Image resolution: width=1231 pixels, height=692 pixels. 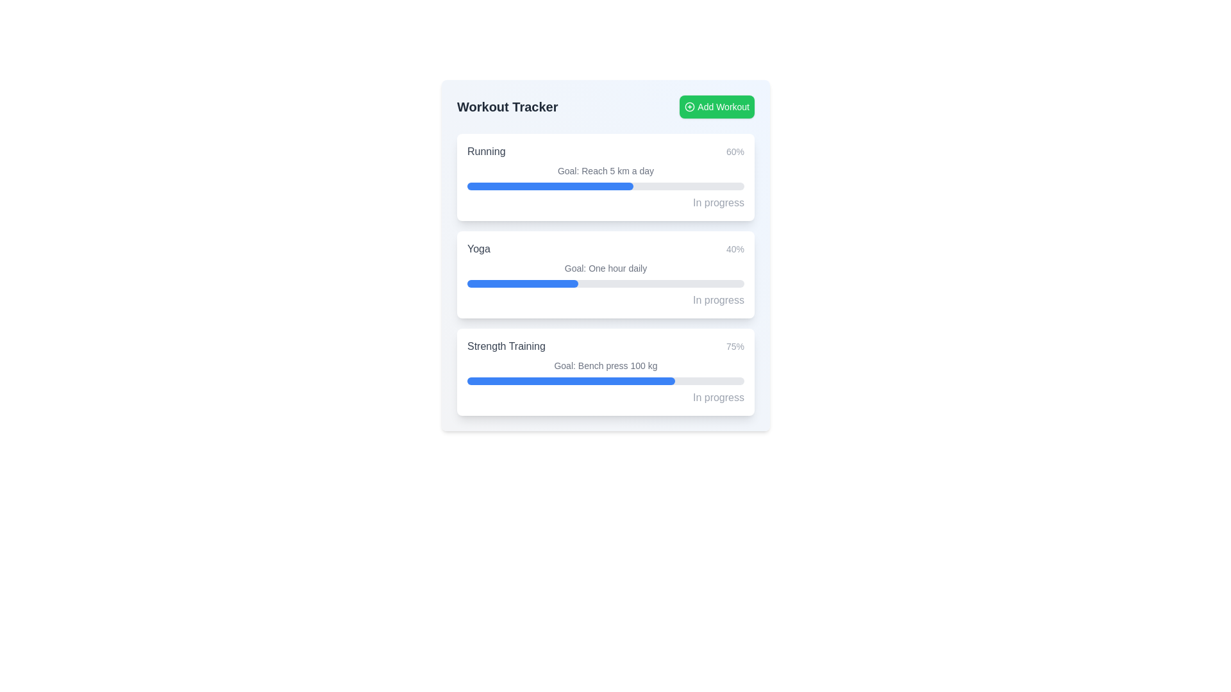 I want to click on the progress bar within the first task entry titled 'Running', which visually indicates the completion percentage of the task, so click(x=550, y=186).